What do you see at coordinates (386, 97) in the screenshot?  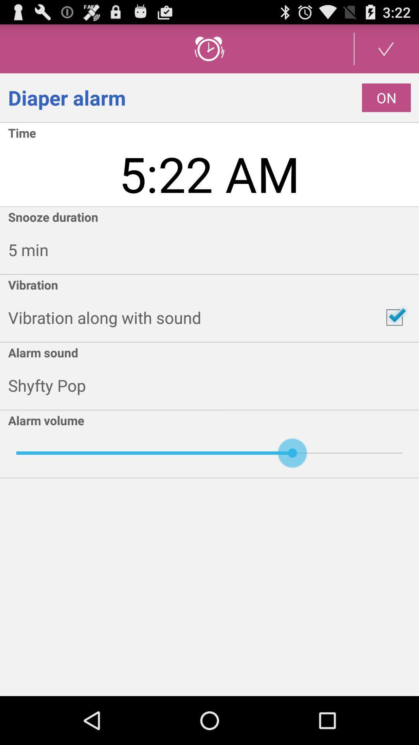 I see `the icon next to the diaper alarm` at bounding box center [386, 97].